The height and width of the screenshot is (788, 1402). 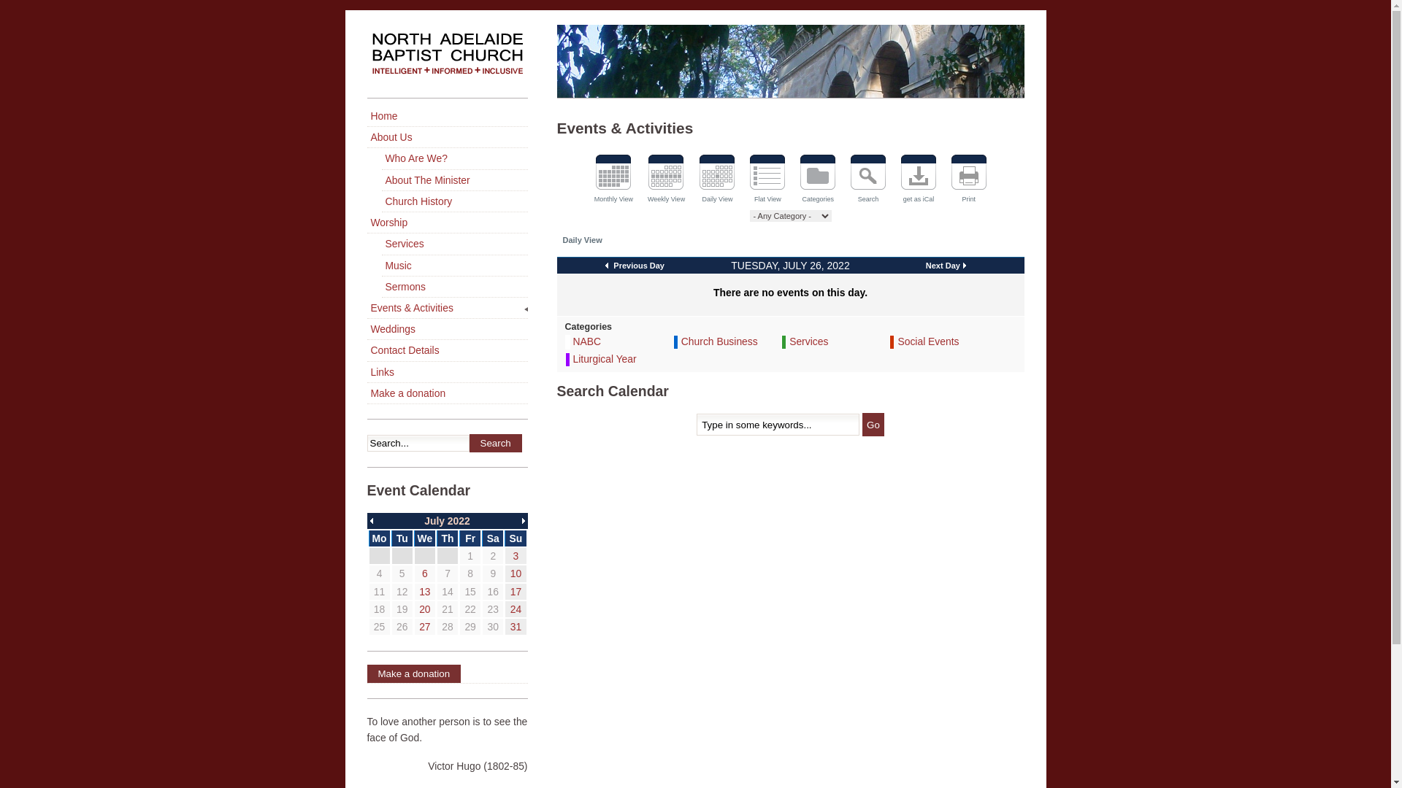 What do you see at coordinates (516, 573) in the screenshot?
I see `'10'` at bounding box center [516, 573].